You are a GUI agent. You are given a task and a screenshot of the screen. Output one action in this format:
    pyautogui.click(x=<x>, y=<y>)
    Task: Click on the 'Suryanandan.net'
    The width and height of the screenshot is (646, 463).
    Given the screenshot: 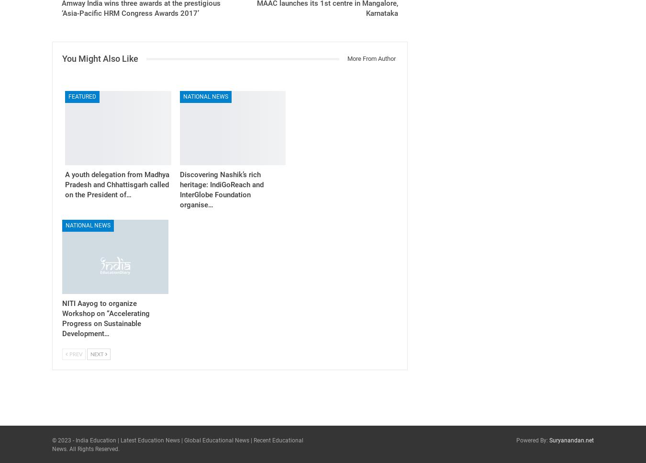 What is the action you would take?
    pyautogui.click(x=549, y=440)
    